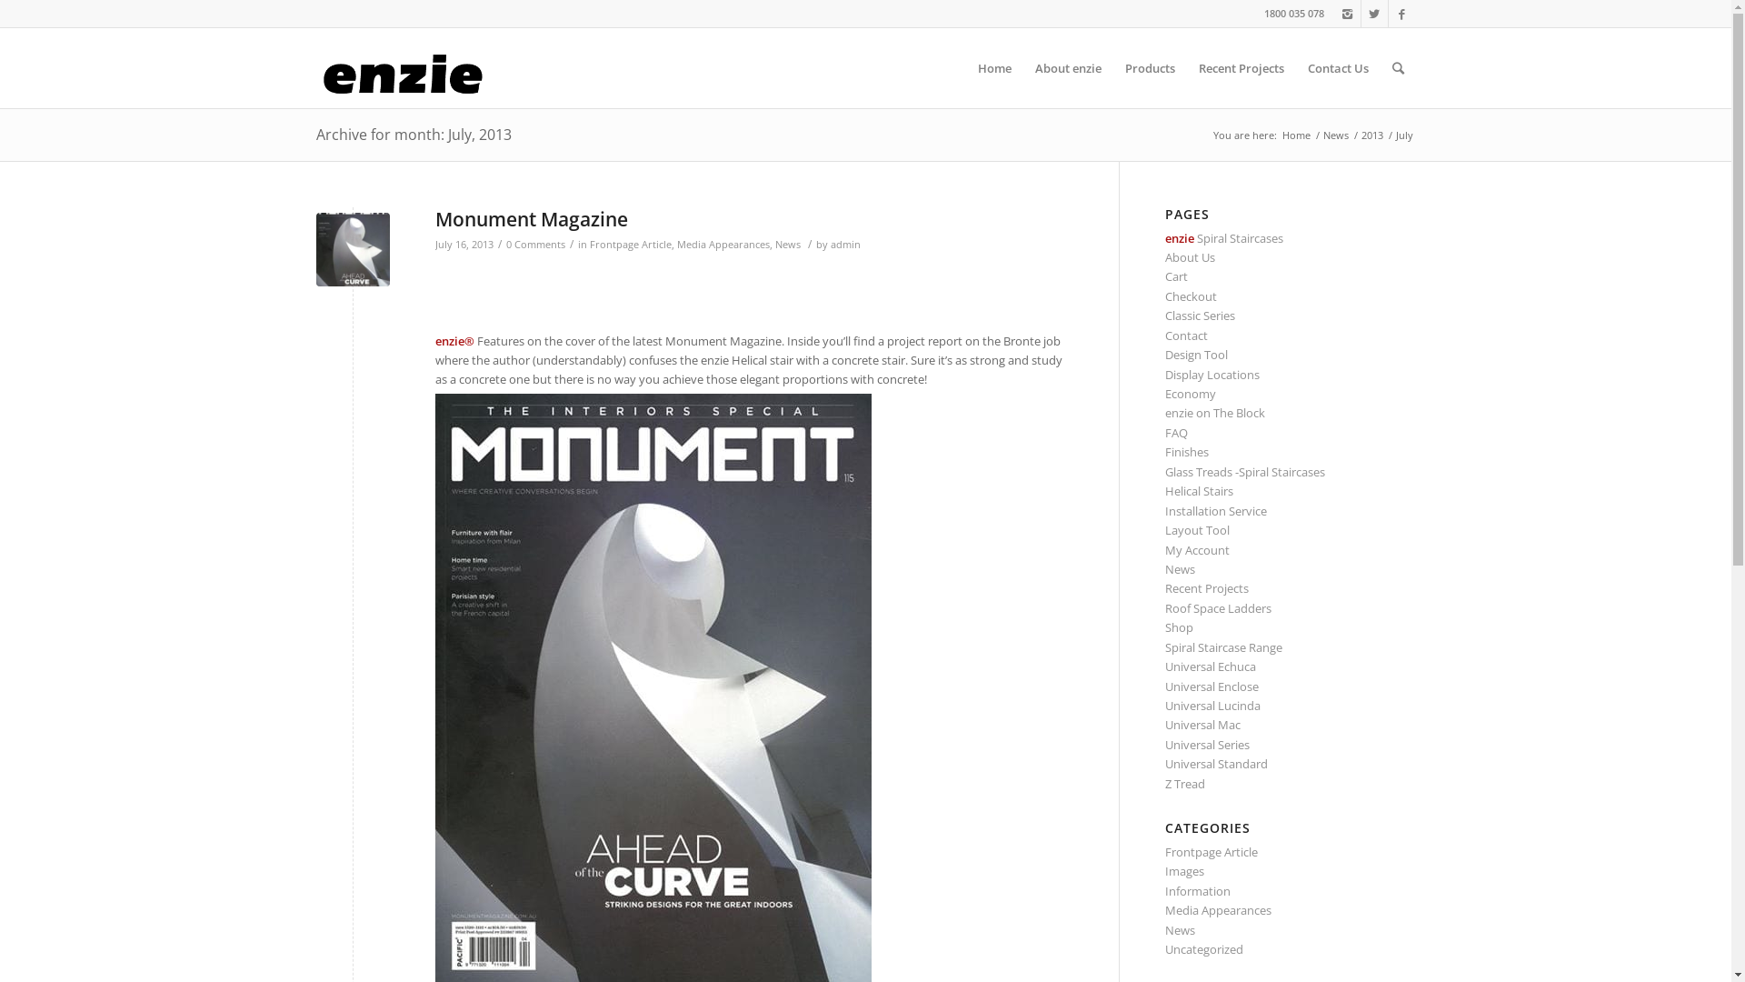 This screenshot has height=982, width=1745. Describe the element at coordinates (992, 66) in the screenshot. I see `'Home'` at that location.